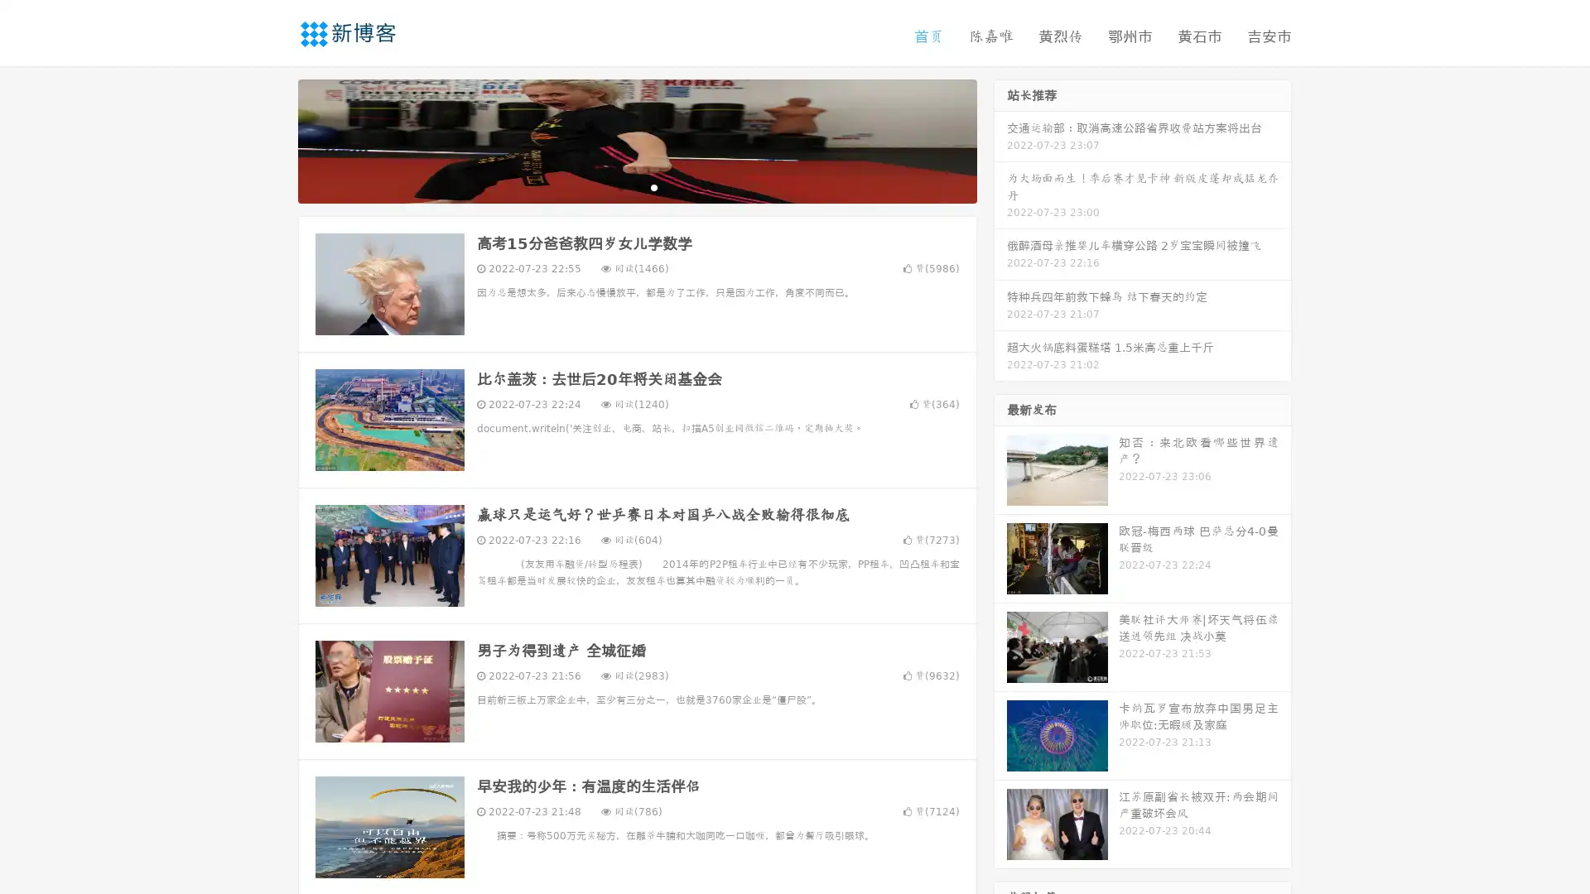 This screenshot has height=894, width=1590. Describe the element at coordinates (636, 186) in the screenshot. I see `Go to slide 2` at that location.